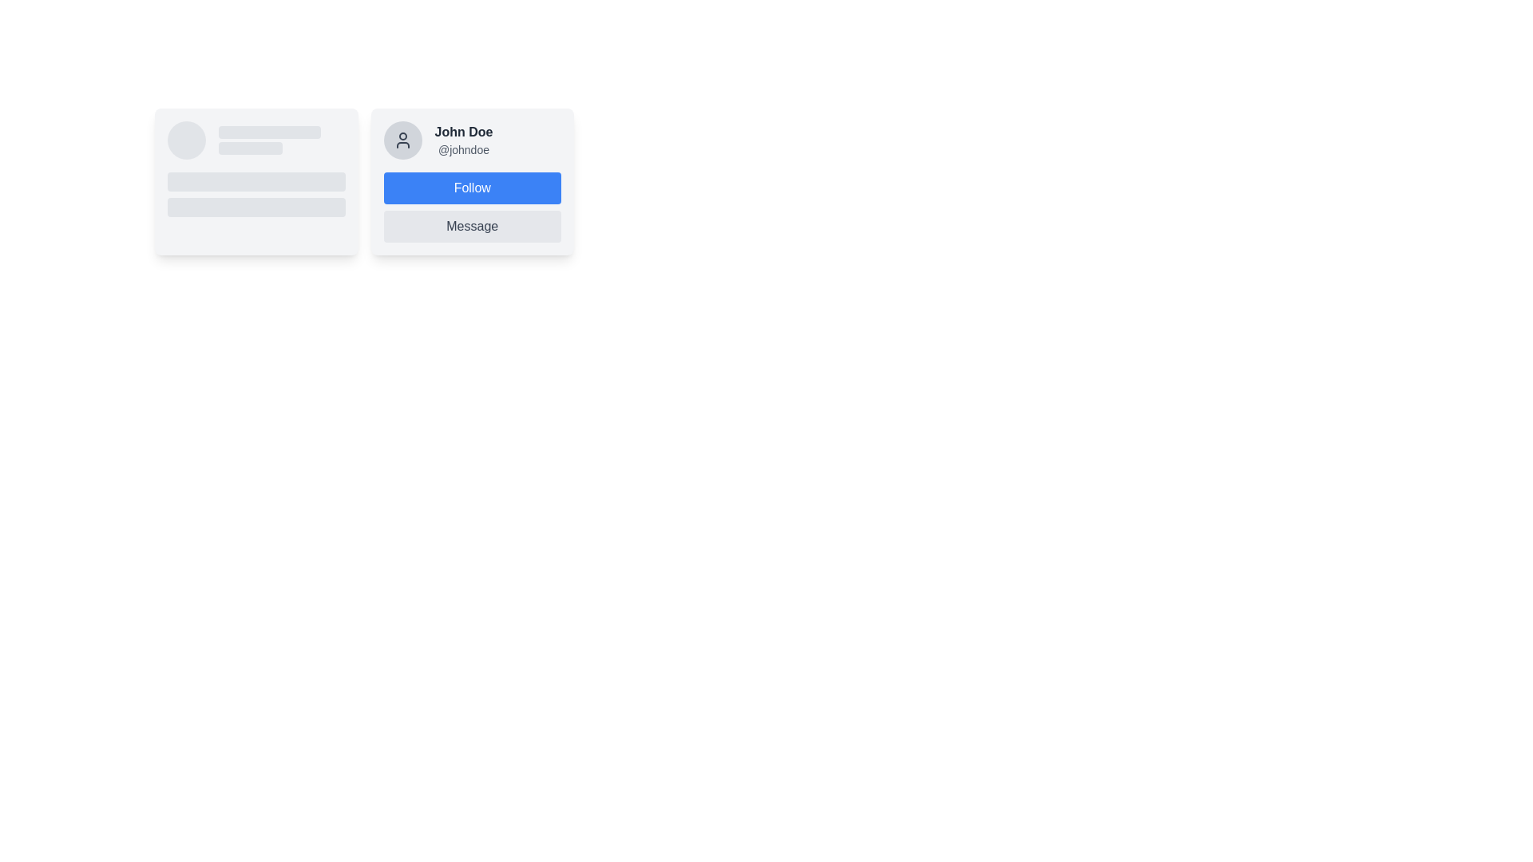 The width and height of the screenshot is (1533, 862). What do you see at coordinates (462, 150) in the screenshot?
I see `the username label located in the profile card, which is positioned directly below the primary label 'John Doe.'` at bounding box center [462, 150].